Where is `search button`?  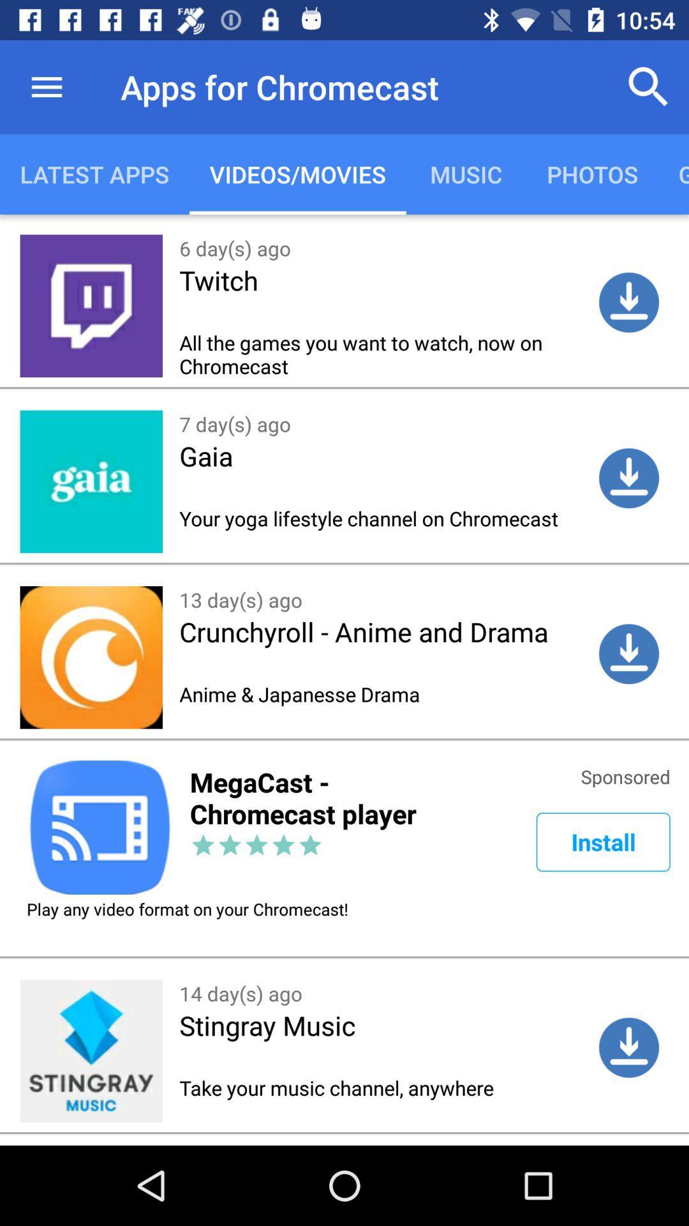 search button is located at coordinates (649, 87).